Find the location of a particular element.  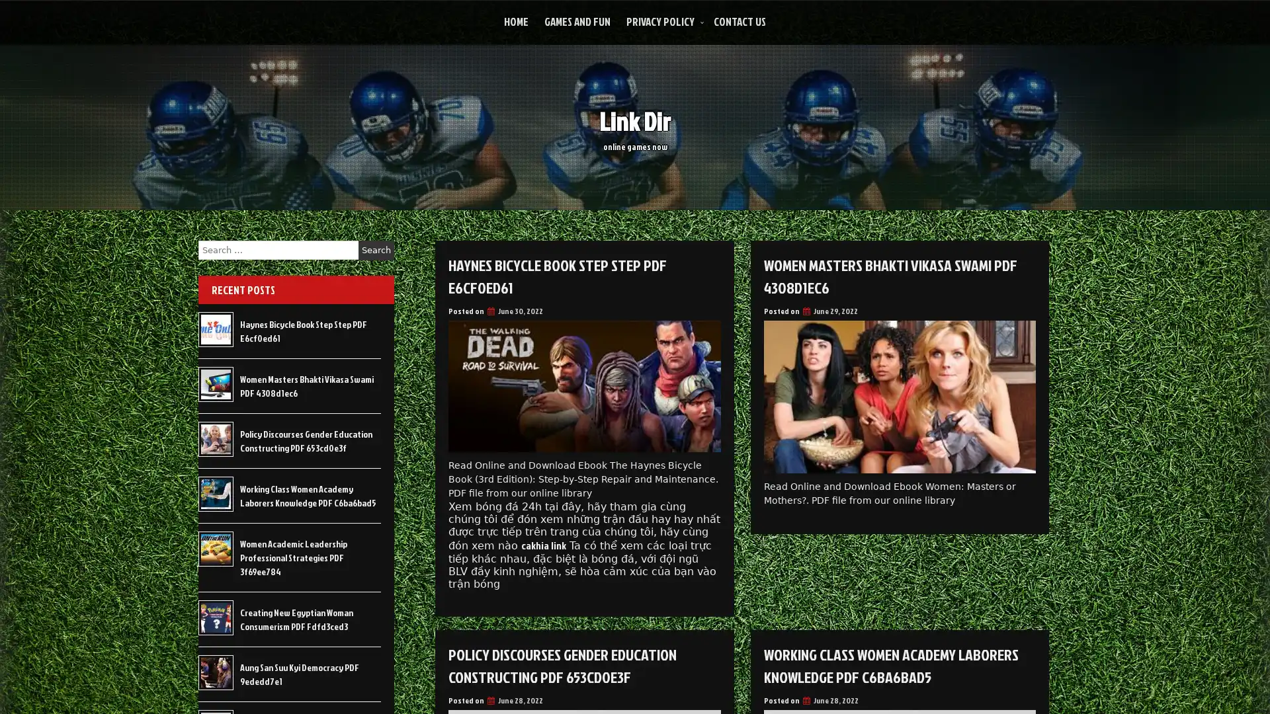

Search is located at coordinates (376, 250).